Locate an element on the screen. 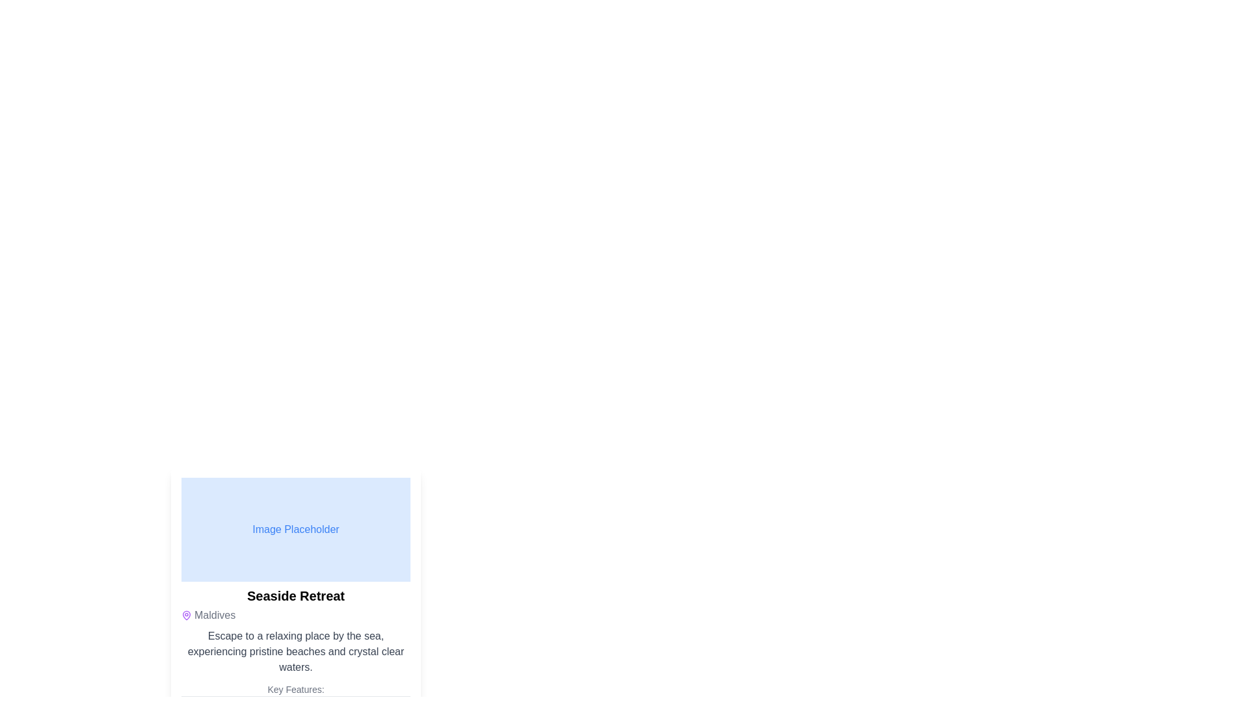 The height and width of the screenshot is (702, 1249). the text label that displays 'Seaside Retreat' in bold, larger font with a vibrant gradient color scheme, situated prominently within a card layout is located at coordinates (295, 596).